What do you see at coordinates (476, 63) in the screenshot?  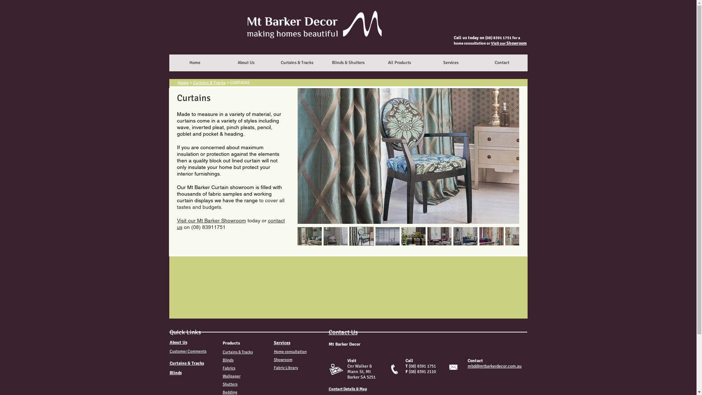 I see `'Contact'` at bounding box center [476, 63].